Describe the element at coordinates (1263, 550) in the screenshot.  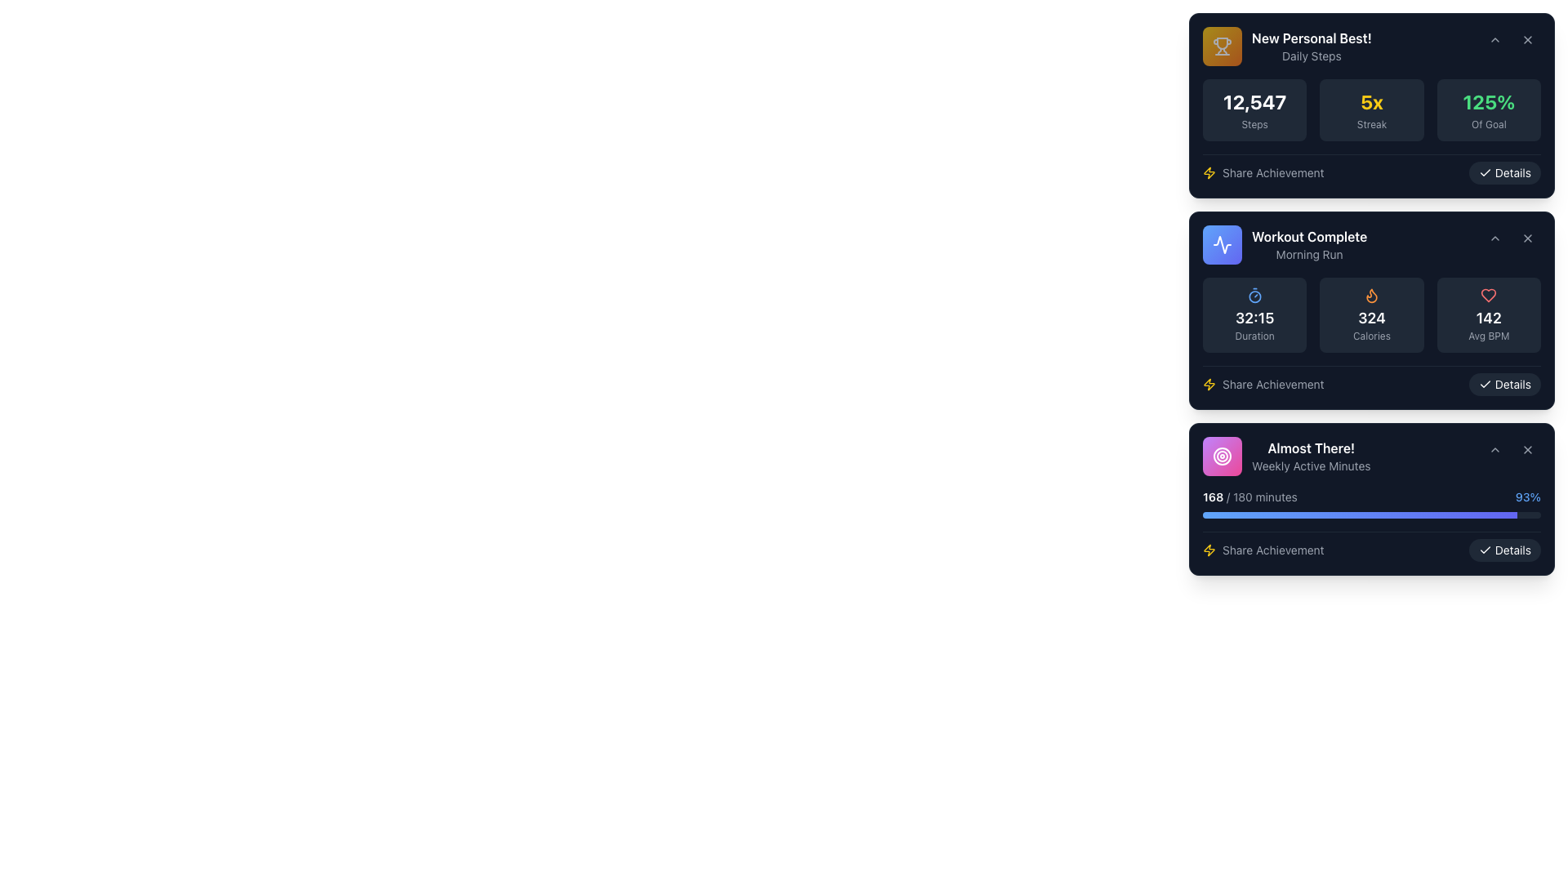
I see `the 'Share Achievement' text label with an icon, located at the bottom left corner of the third card in a vertically stacked list of cards` at that location.